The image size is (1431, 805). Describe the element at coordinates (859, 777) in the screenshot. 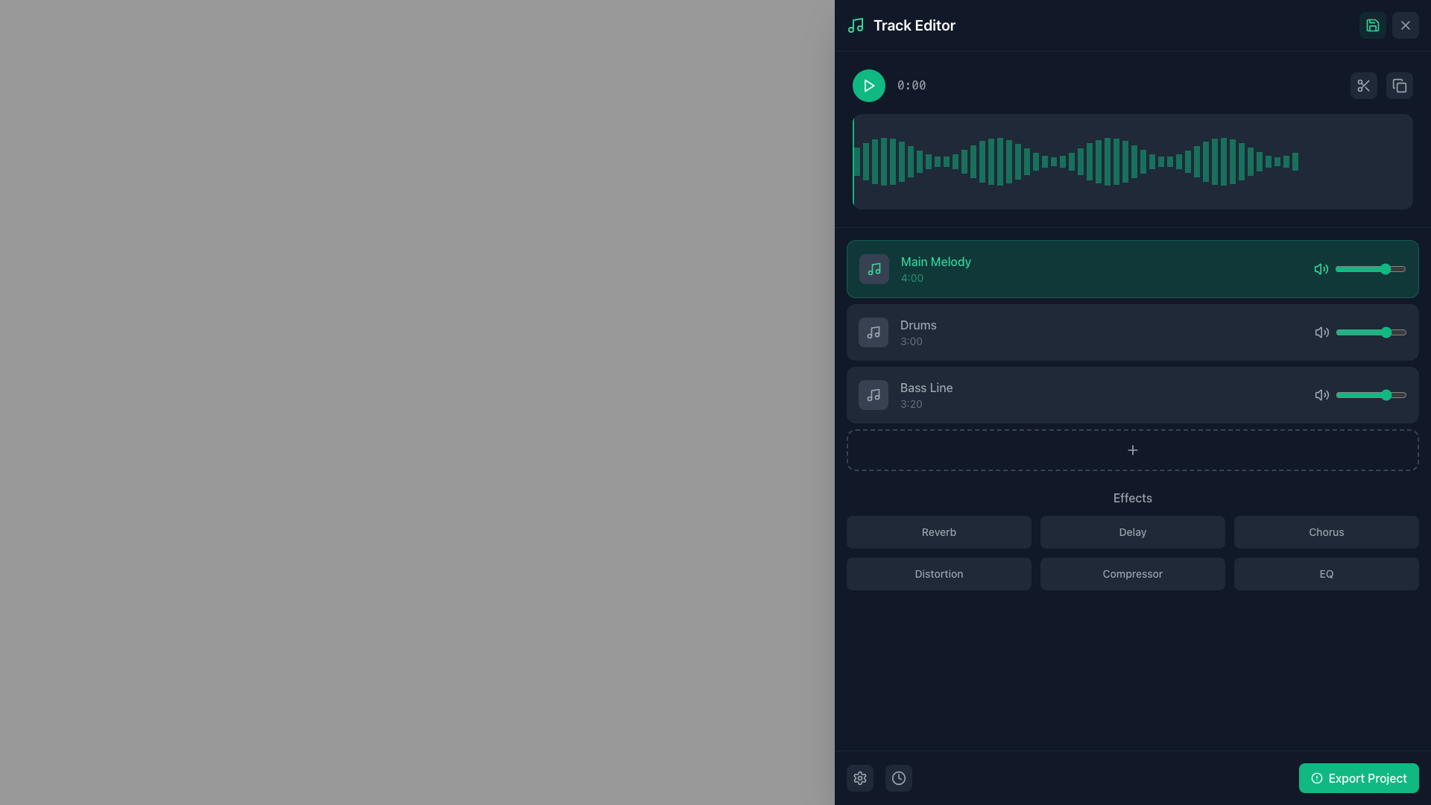

I see `the settings button, which is a dark-themed button with rounded corners and a cogwheel icon, located at the bottom left corner of the main interface panel` at that location.